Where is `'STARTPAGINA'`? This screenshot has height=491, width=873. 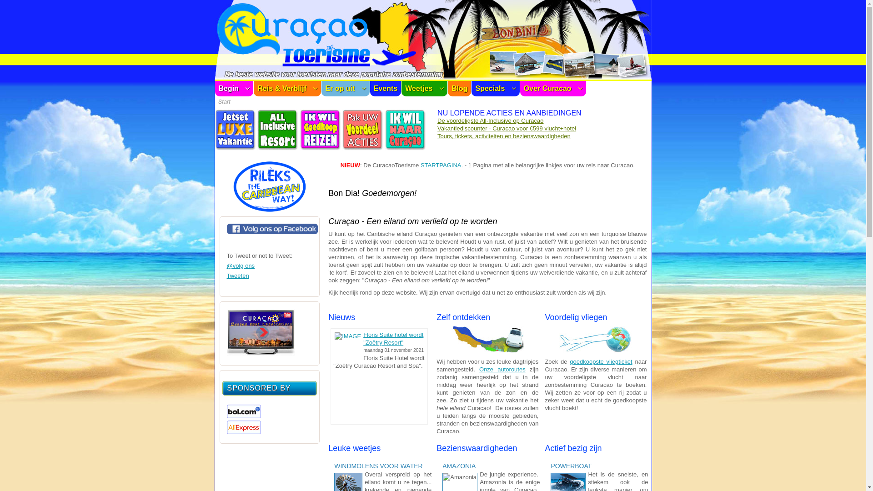 'STARTPAGINA' is located at coordinates (441, 165).